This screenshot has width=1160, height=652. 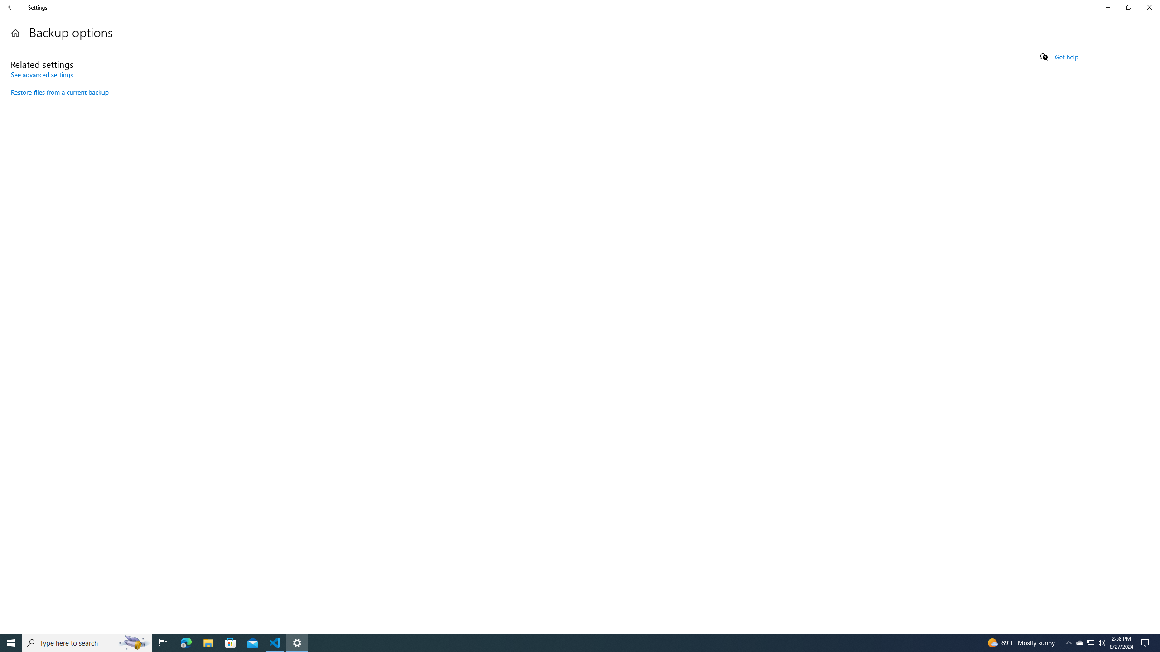 I want to click on 'Action Center, No new notifications', so click(x=1146, y=642).